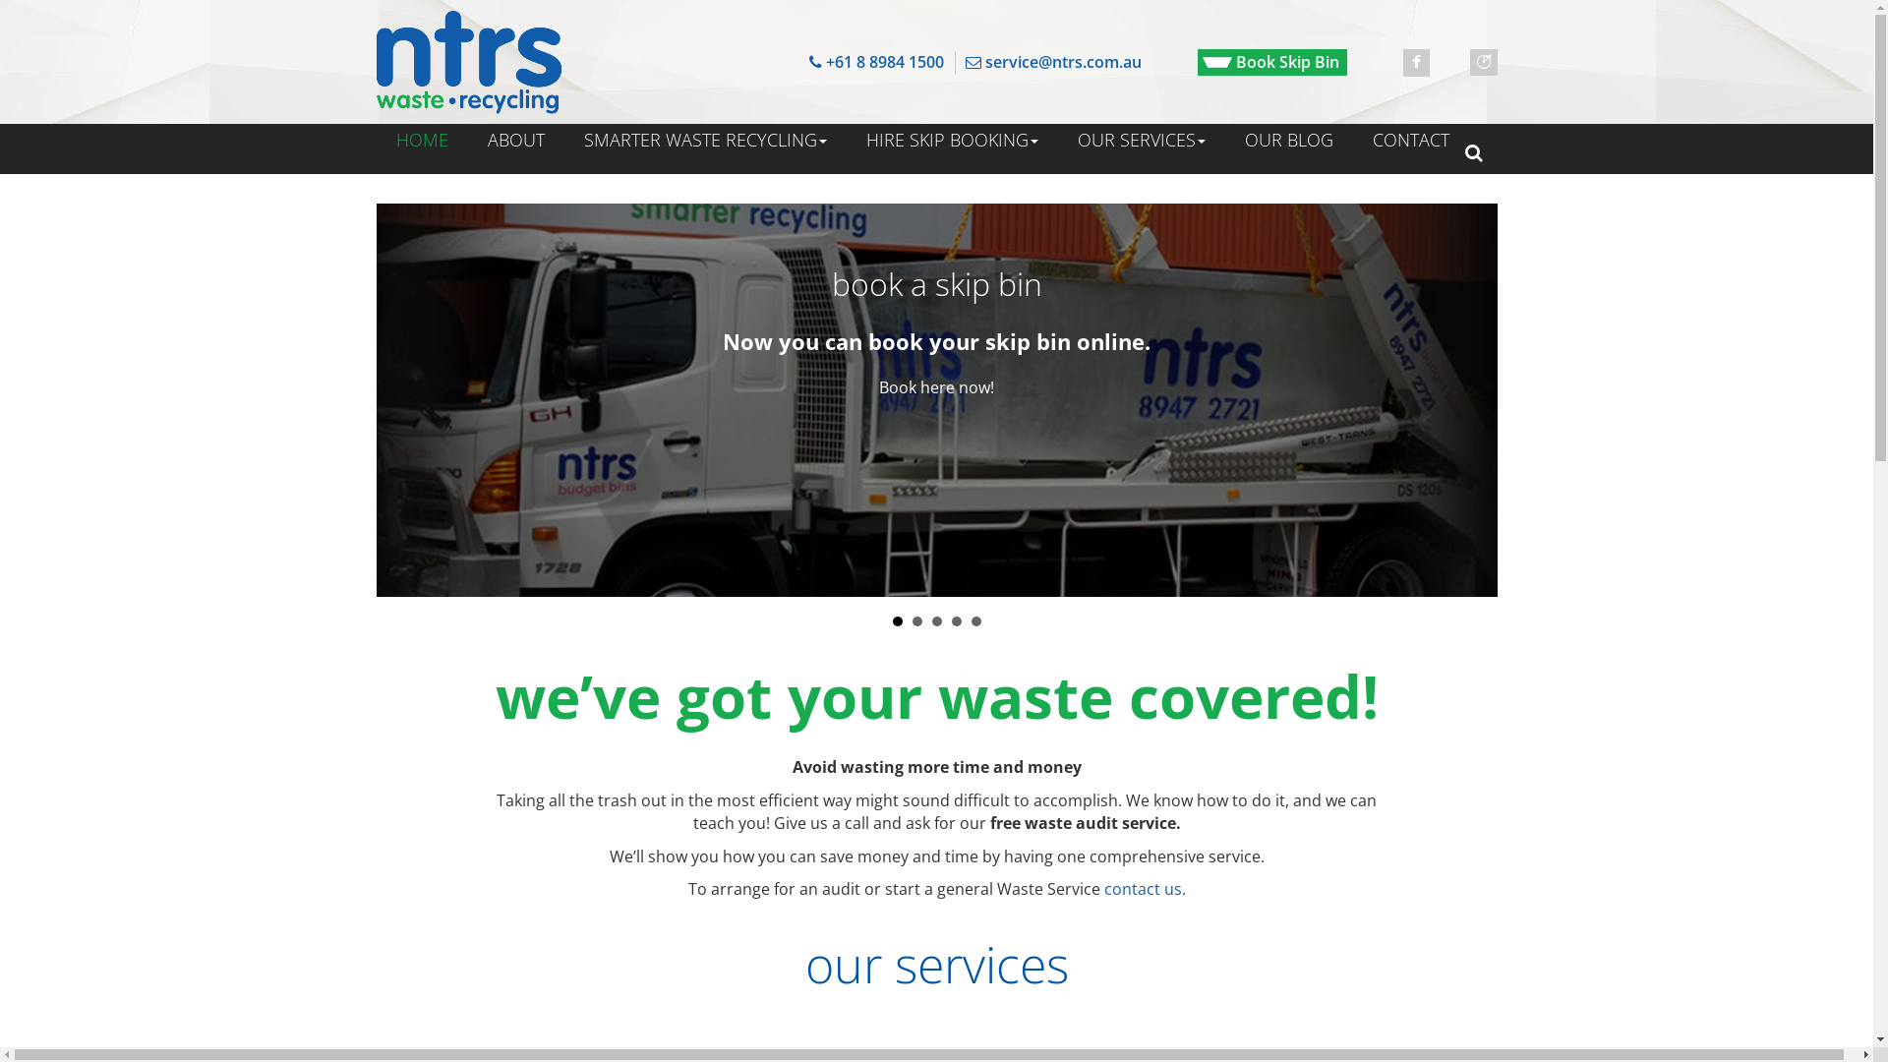 This screenshot has height=1062, width=1888. What do you see at coordinates (1288, 139) in the screenshot?
I see `'OUR BLOG'` at bounding box center [1288, 139].